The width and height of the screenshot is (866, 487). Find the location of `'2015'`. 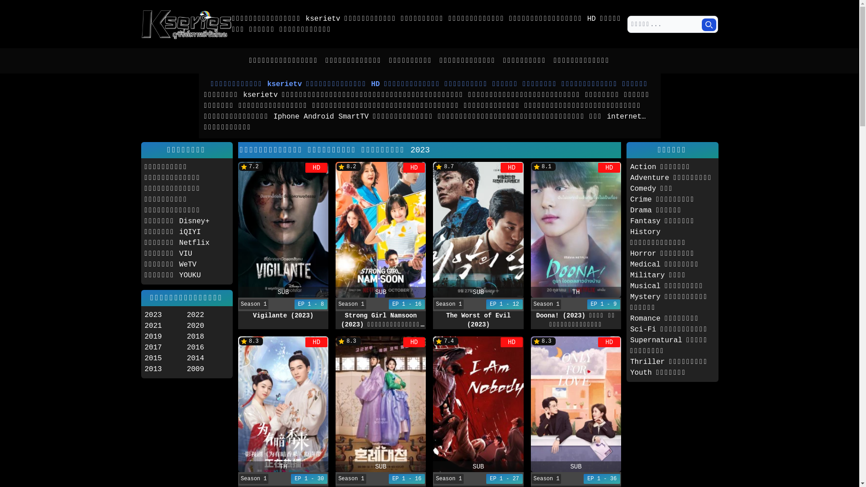

'2015' is located at coordinates (165, 358).